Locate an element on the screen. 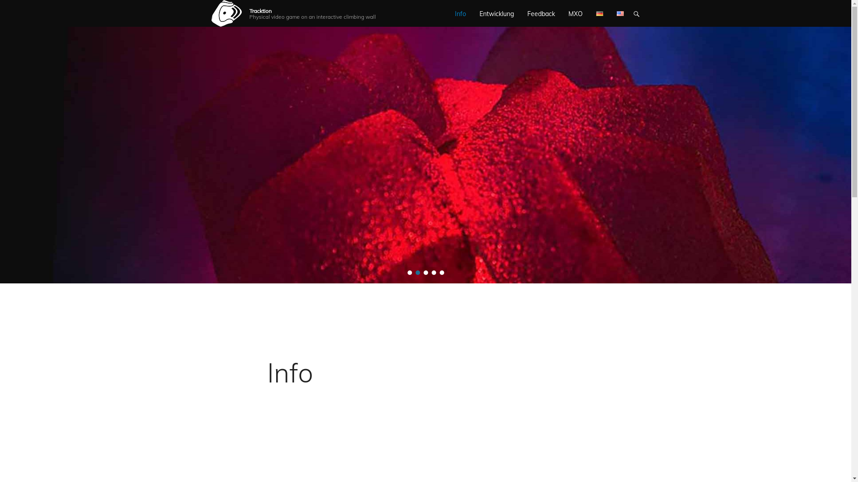 This screenshot has width=858, height=482. '3' is located at coordinates (425, 272).